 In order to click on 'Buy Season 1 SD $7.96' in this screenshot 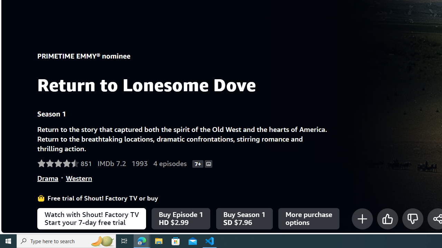, I will do `click(244, 219)`.